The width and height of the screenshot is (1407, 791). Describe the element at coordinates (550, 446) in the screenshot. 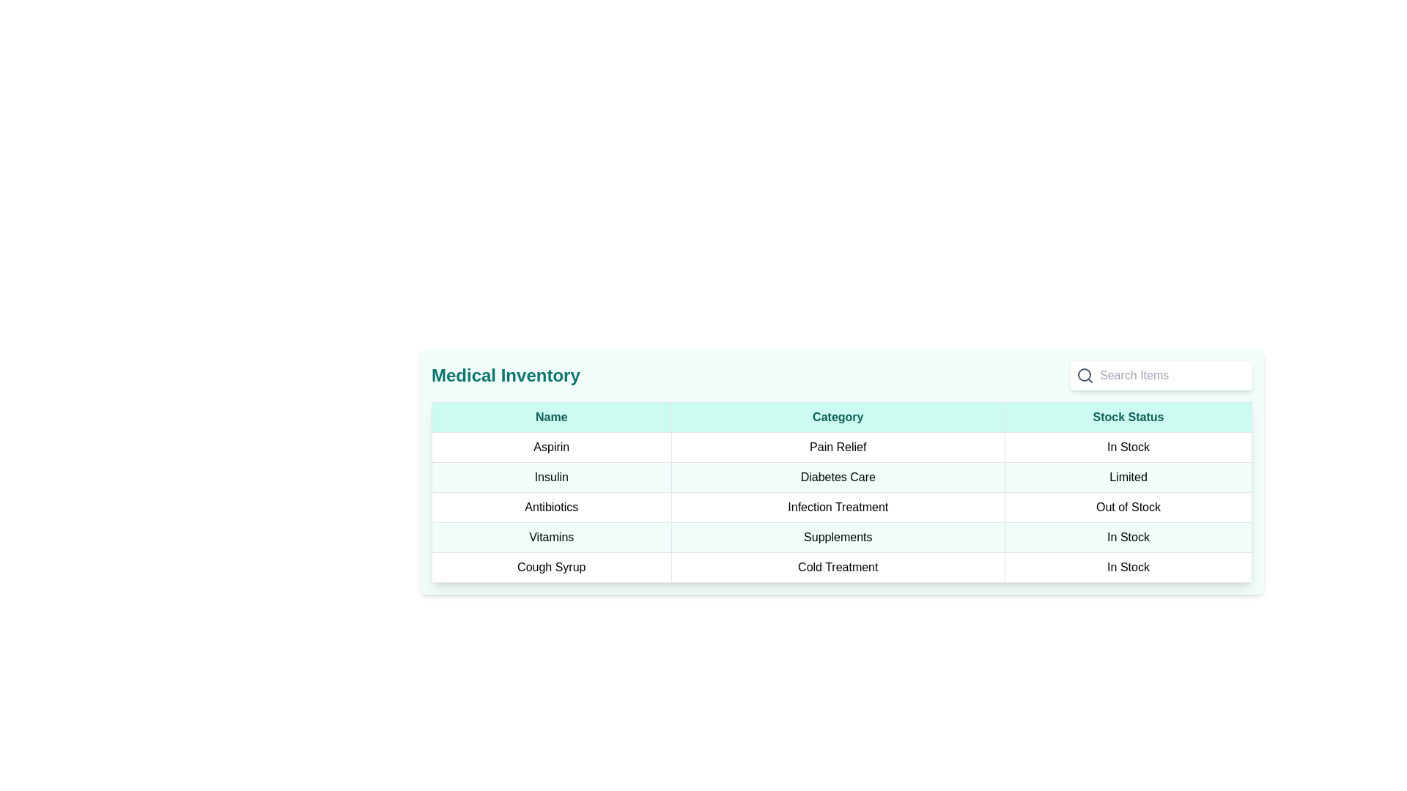

I see `the label reading 'Aspirin', which is located in the first column of a table row under the 'Name' header` at that location.